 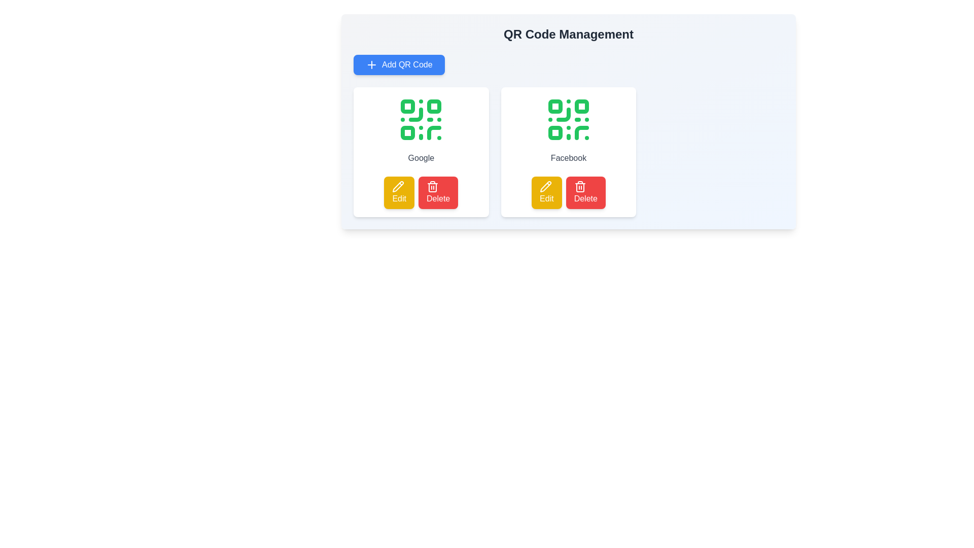 I want to click on the Decorative QR code segment located in the top-left corner of the left QR code graphic on the page, so click(x=408, y=106).